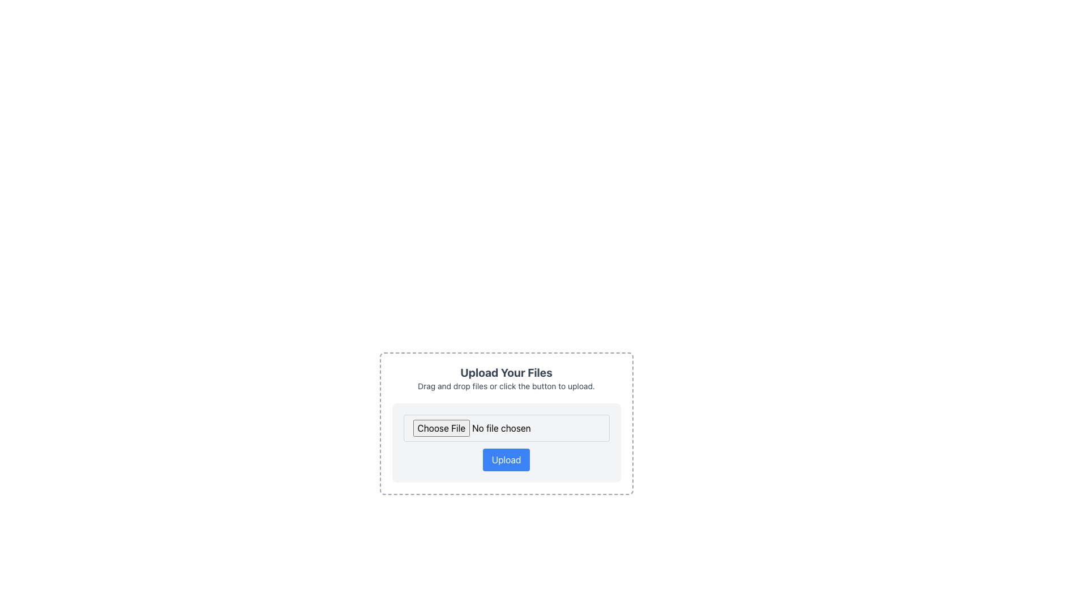 The width and height of the screenshot is (1087, 611). What do you see at coordinates (506, 460) in the screenshot?
I see `the 'Upload' button, which is a rectangular button with rounded corners, styled in blue with white text, located beneath the 'Choose File' text field` at bounding box center [506, 460].